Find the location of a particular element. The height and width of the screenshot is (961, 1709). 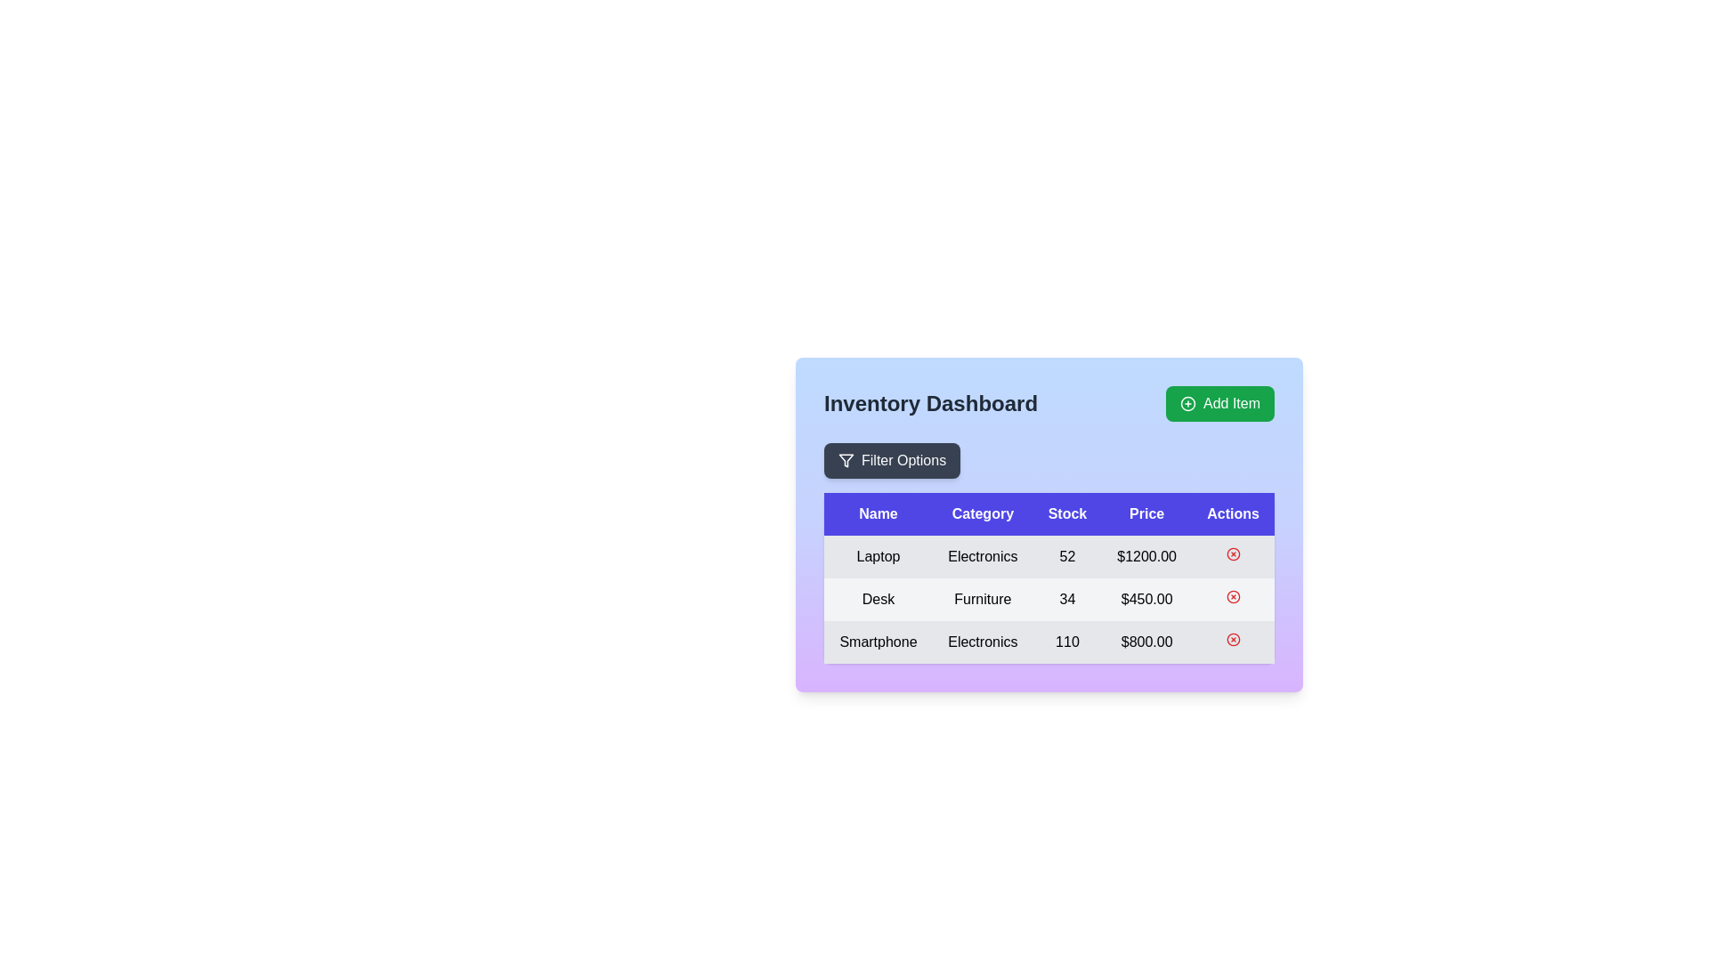

the text label that specifies the name of the item 'Smartphone' located in the third row of the table under the 'Name' column is located at coordinates (879, 642).